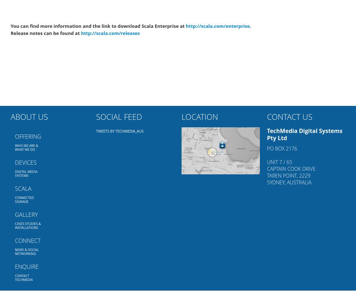 This screenshot has height=297, width=356. Describe the element at coordinates (29, 116) in the screenshot. I see `'About Us'` at that location.